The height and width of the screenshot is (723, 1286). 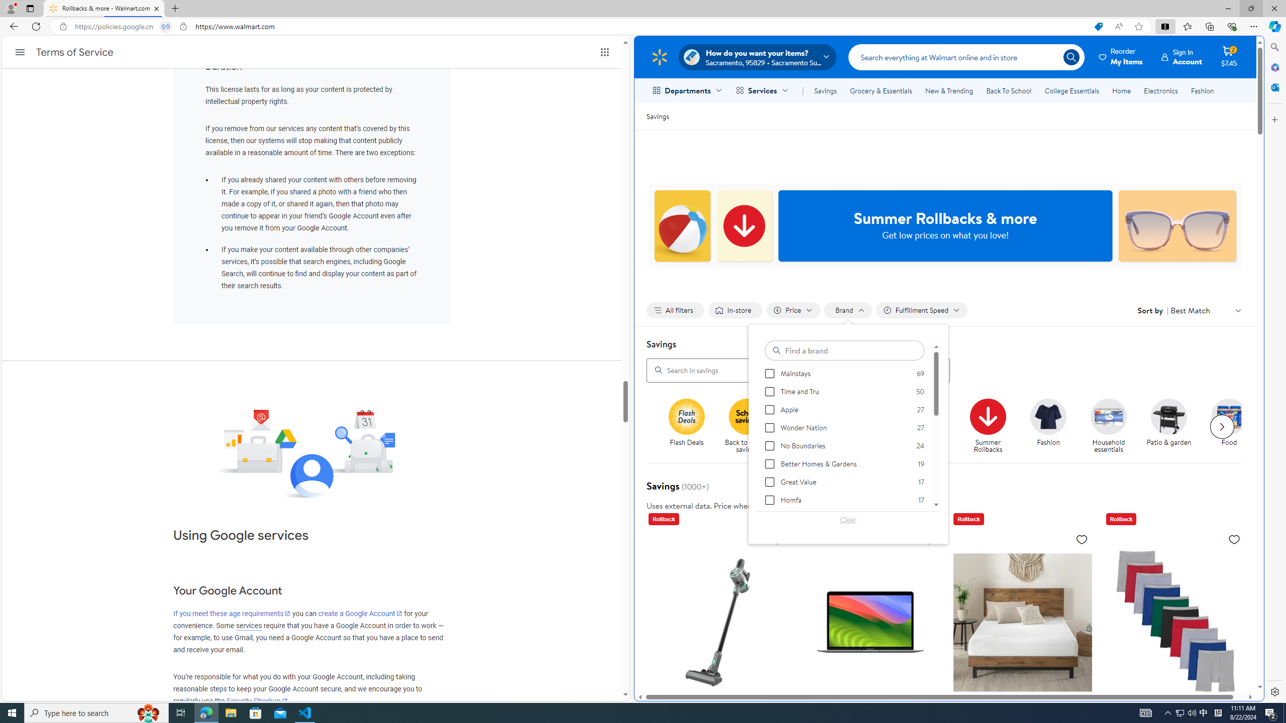 I want to click on 'Sort by Best Match', so click(x=1206, y=309).